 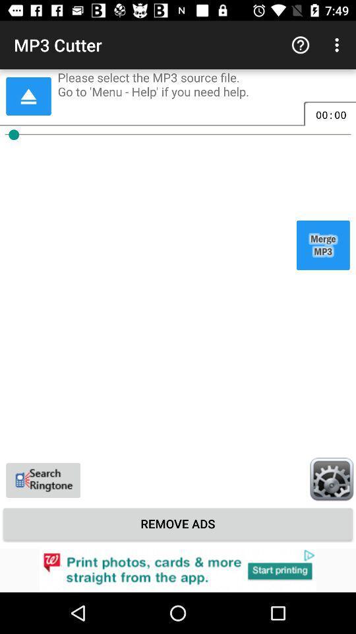 What do you see at coordinates (178, 570) in the screenshot?
I see `click the advertisement at bottom` at bounding box center [178, 570].